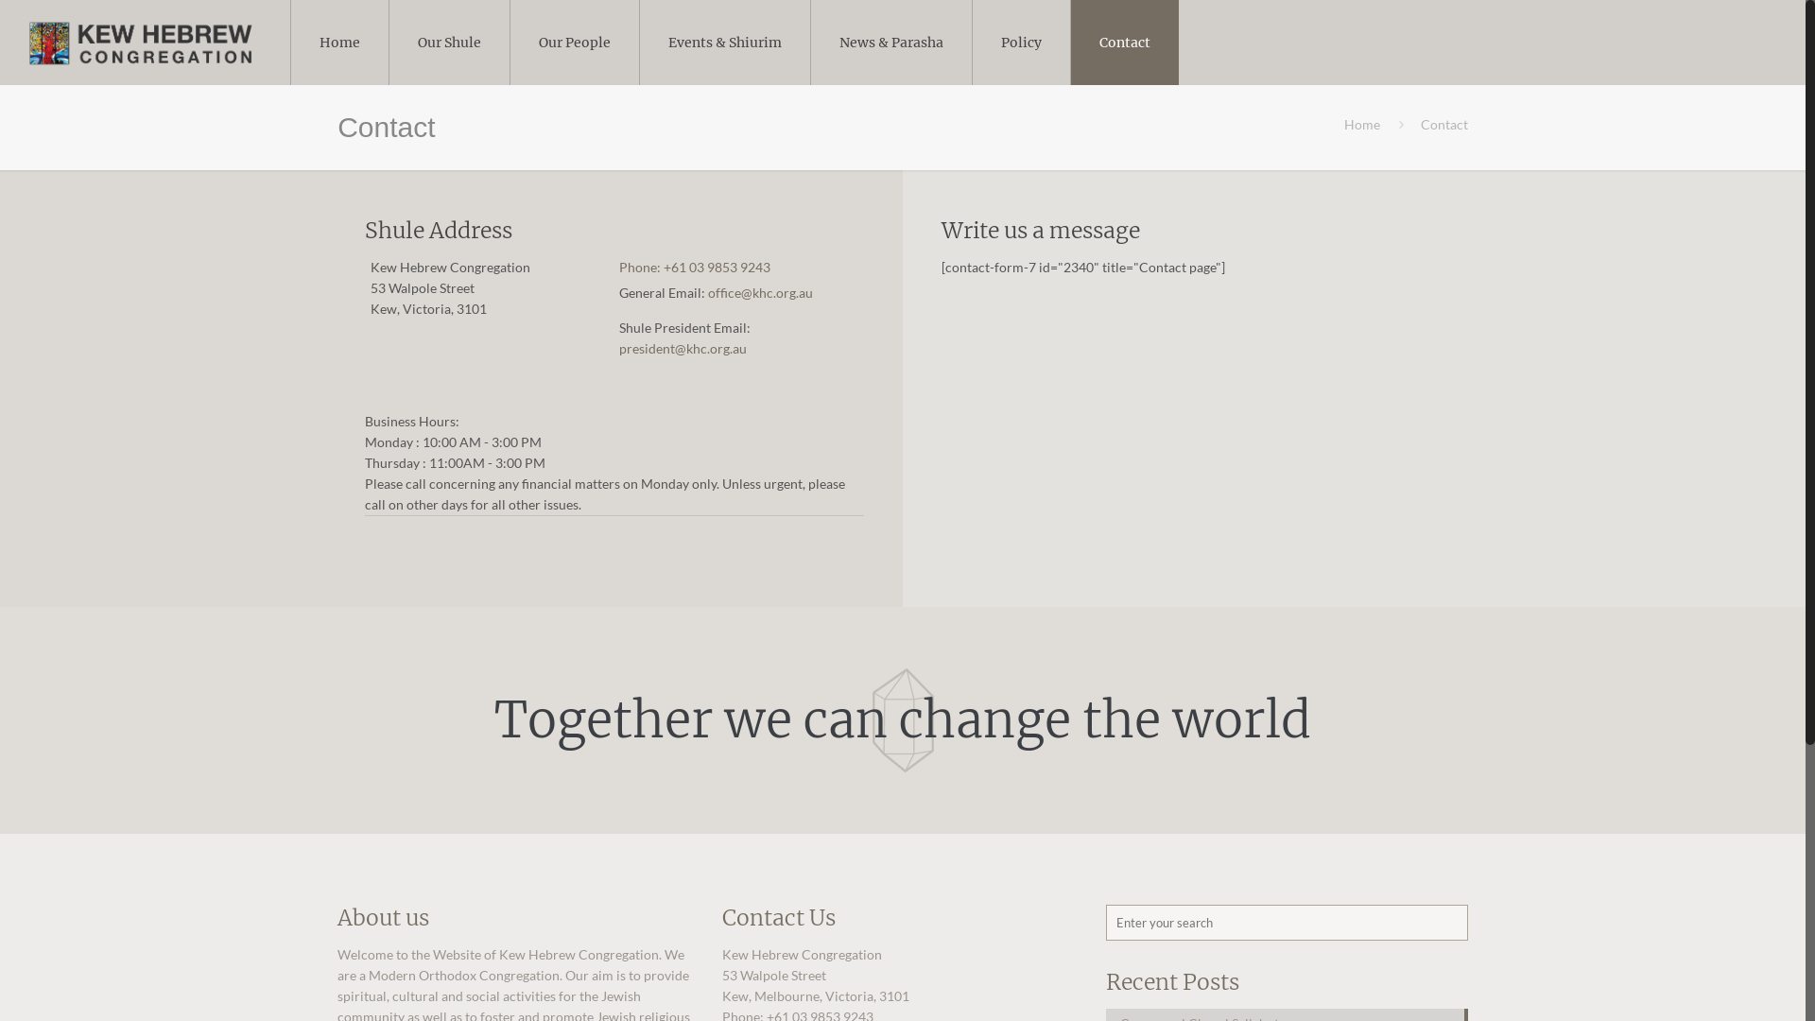 The height and width of the screenshot is (1021, 1815). I want to click on 'Kew Hebrew Congregation', so click(139, 43).